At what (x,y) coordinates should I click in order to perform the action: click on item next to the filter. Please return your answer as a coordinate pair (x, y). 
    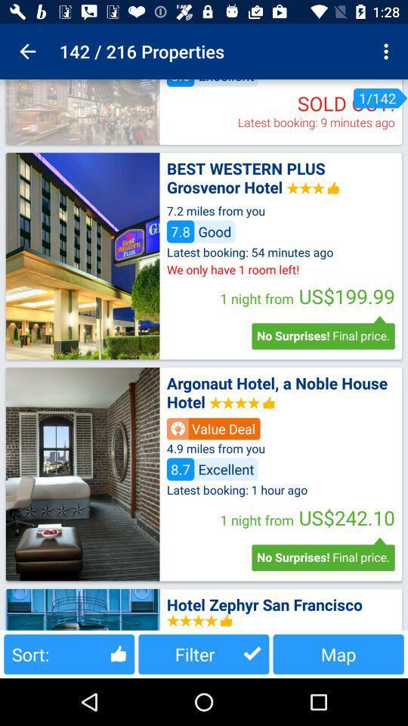
    Looking at the image, I should click on (338, 653).